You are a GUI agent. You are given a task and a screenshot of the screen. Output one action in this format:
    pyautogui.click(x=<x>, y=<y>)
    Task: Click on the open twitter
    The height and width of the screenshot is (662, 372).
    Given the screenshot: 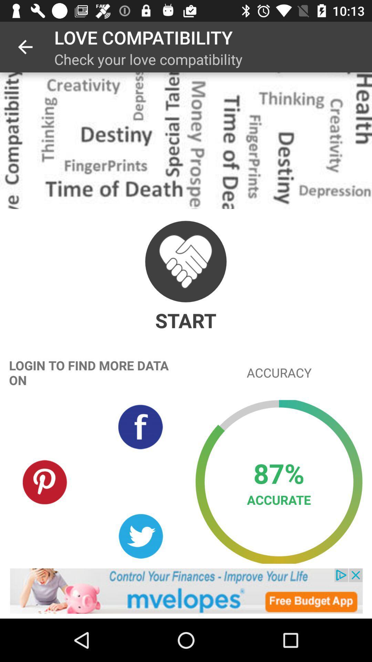 What is the action you would take?
    pyautogui.click(x=140, y=536)
    